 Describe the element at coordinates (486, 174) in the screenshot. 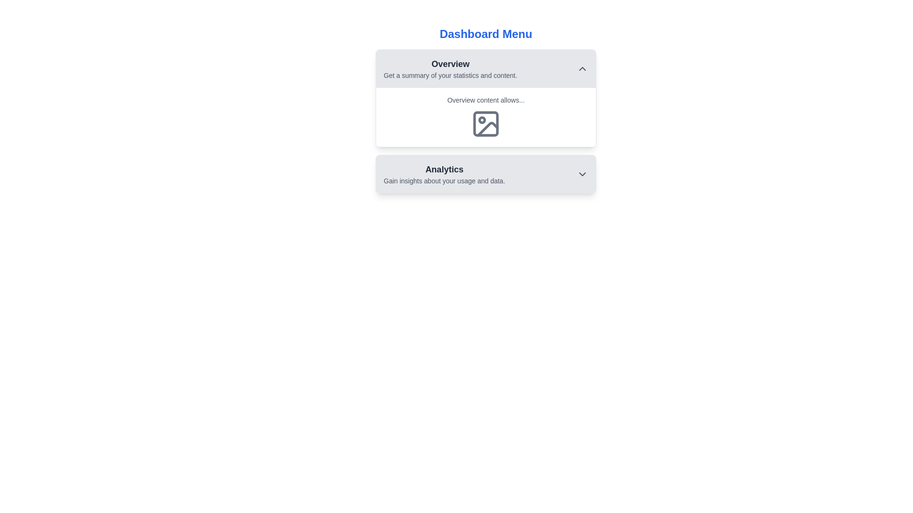

I see `the 'Analytics' section header with expandable functionality` at that location.